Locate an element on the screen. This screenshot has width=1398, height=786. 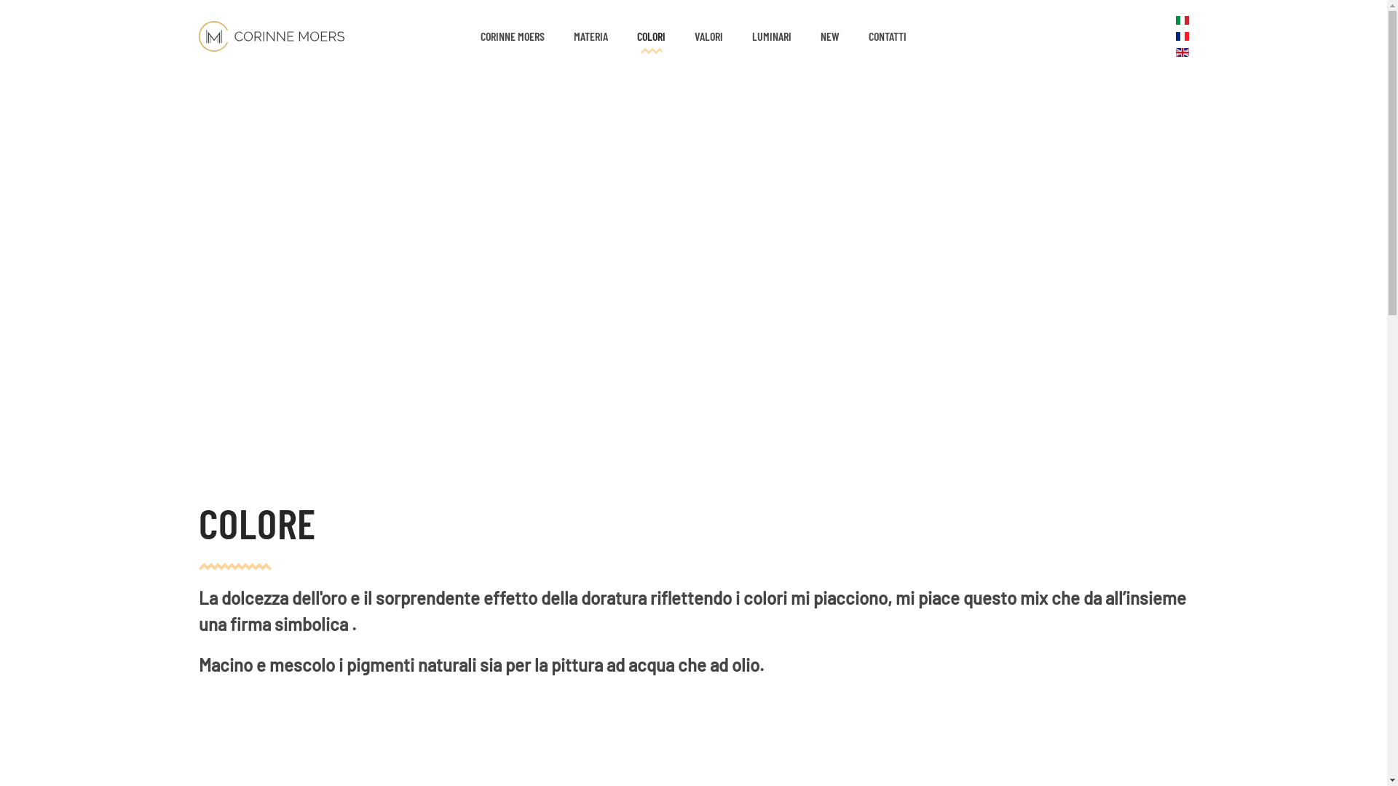
'FR' is located at coordinates (1174, 36).